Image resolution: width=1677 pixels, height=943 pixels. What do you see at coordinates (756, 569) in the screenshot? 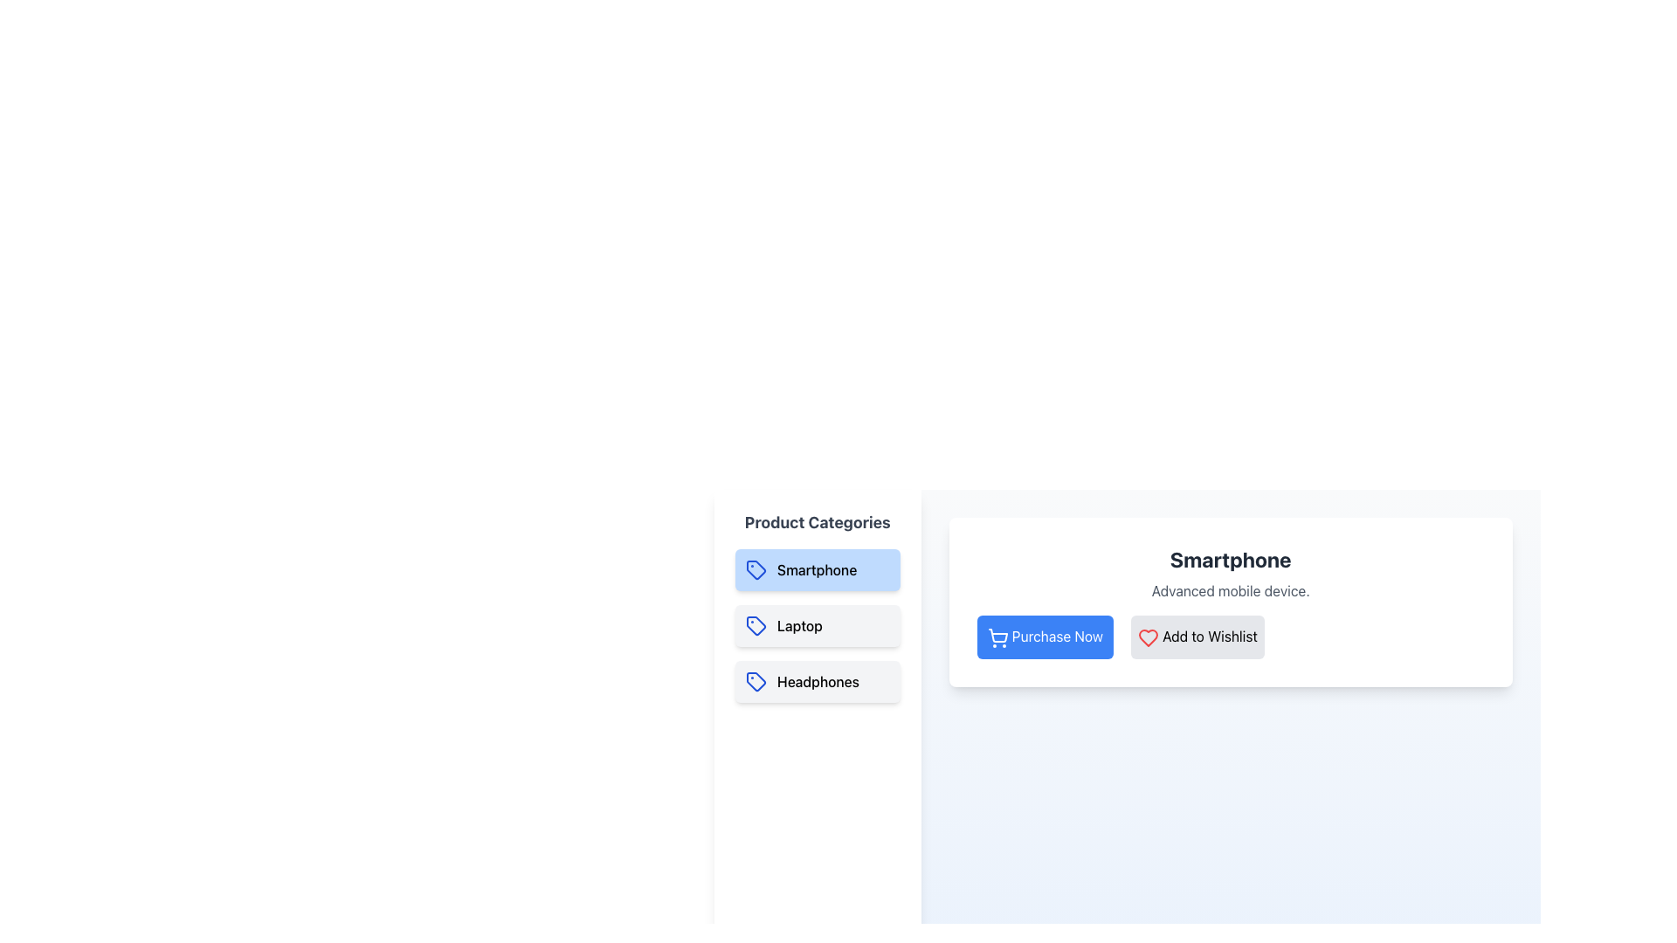
I see `the blue-gray tag icon representing the 'Smartphone' category in the sidebar` at bounding box center [756, 569].